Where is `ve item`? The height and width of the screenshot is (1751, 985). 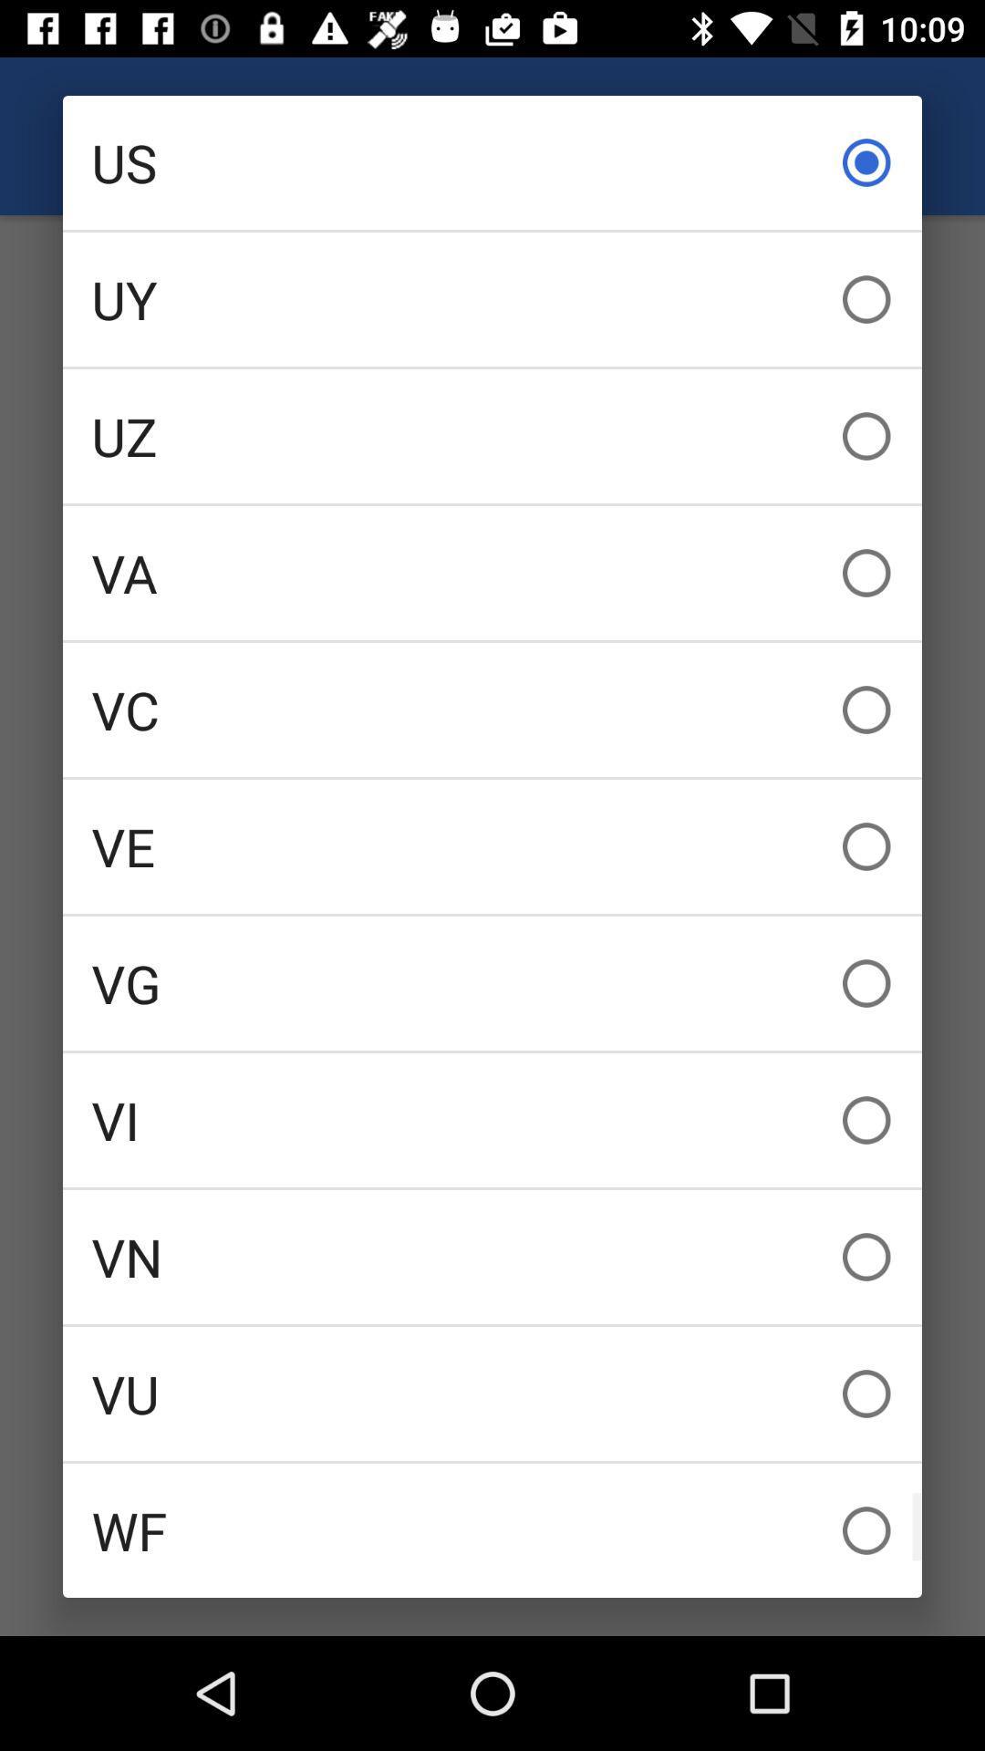
ve item is located at coordinates (493, 845).